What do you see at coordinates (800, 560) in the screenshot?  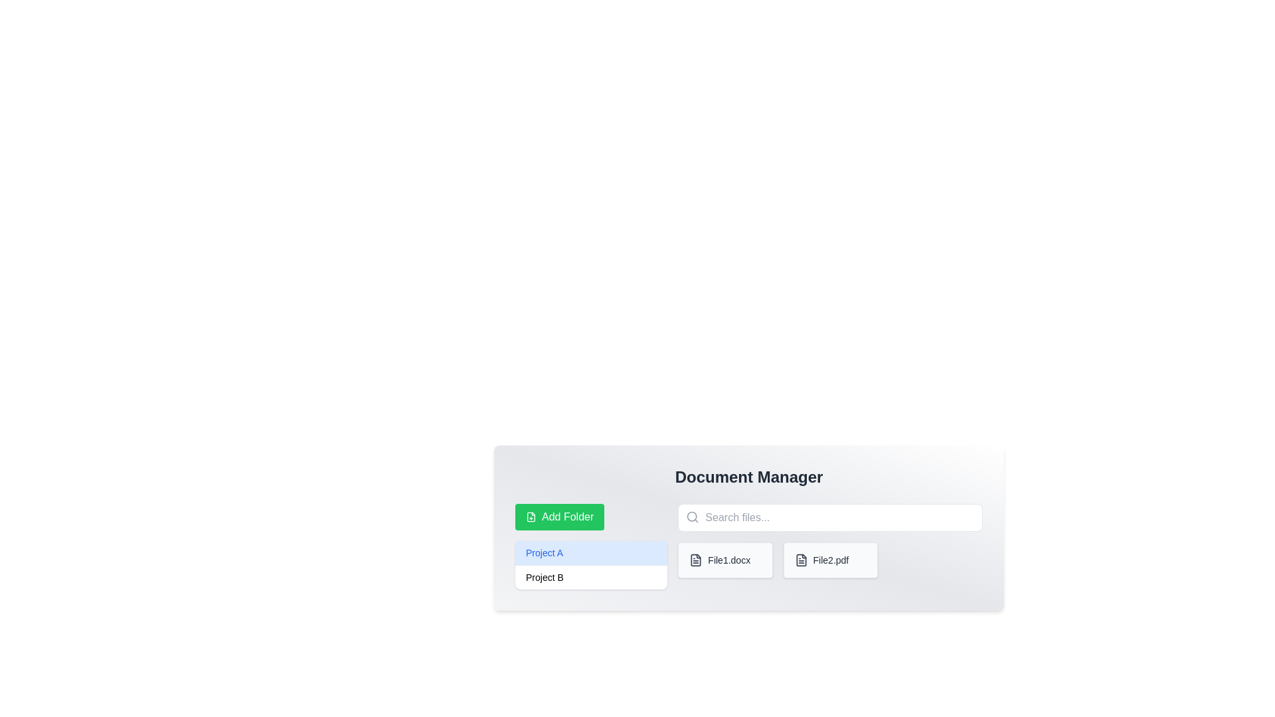 I see `the visual styling of the gray document icon located to the left of the 'File2.pdf' label` at bounding box center [800, 560].